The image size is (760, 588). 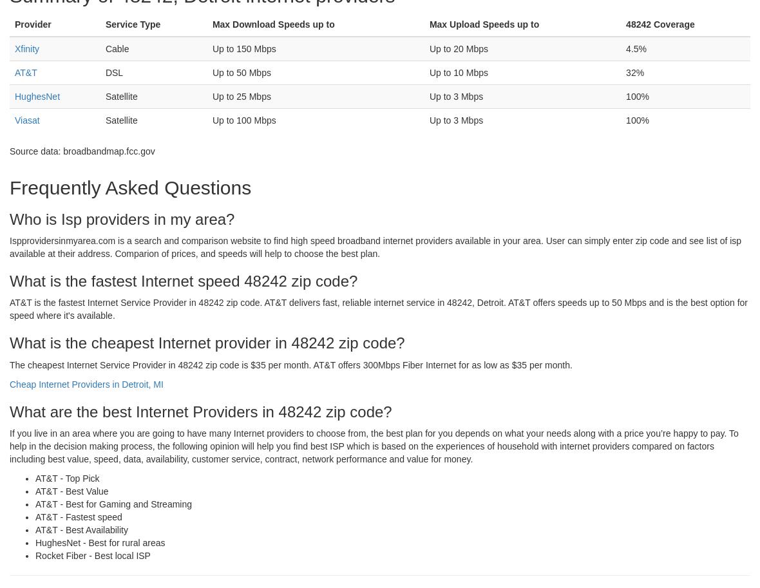 I want to click on 'HughesNet', so click(x=37, y=95).